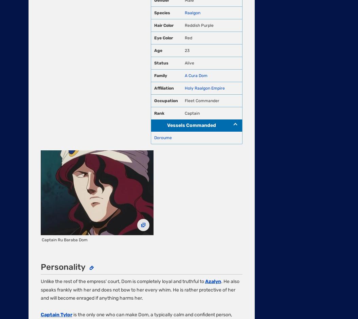 The height and width of the screenshot is (319, 358). Describe the element at coordinates (37, 200) in the screenshot. I see `'Support'` at that location.